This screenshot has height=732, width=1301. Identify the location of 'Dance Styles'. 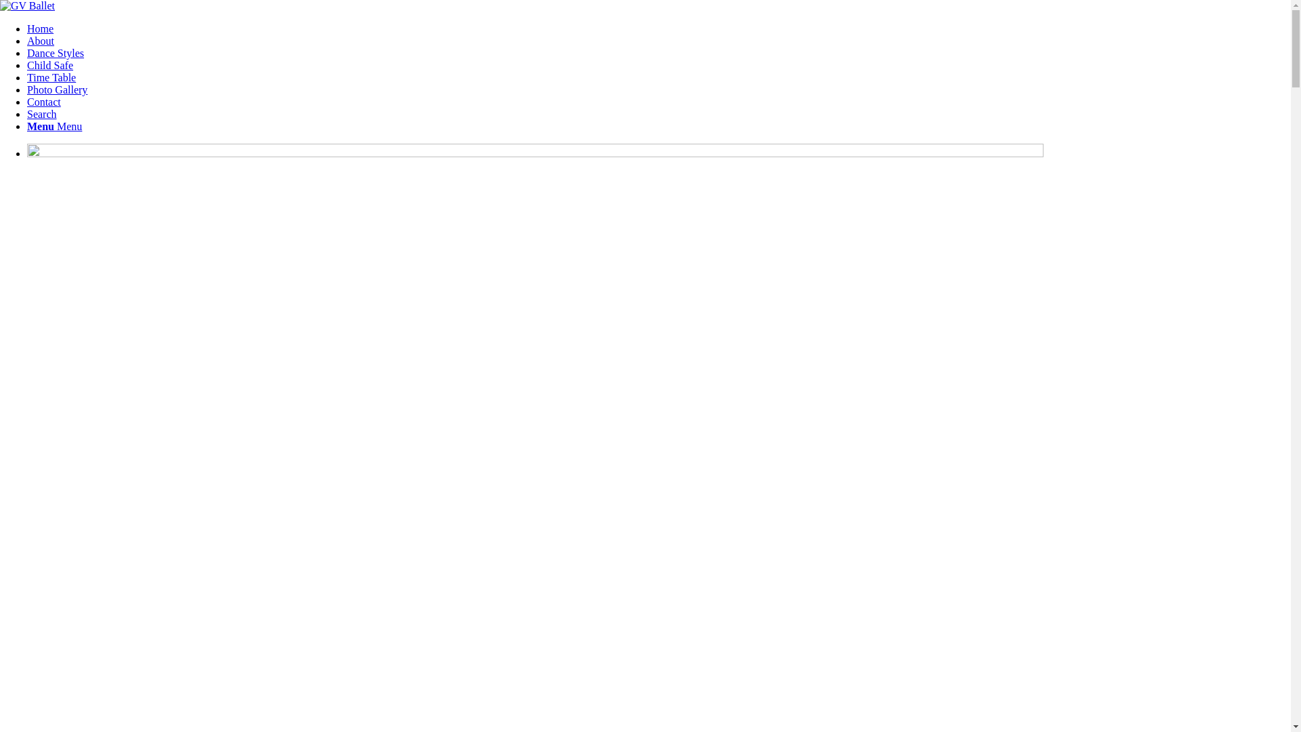
(54, 52).